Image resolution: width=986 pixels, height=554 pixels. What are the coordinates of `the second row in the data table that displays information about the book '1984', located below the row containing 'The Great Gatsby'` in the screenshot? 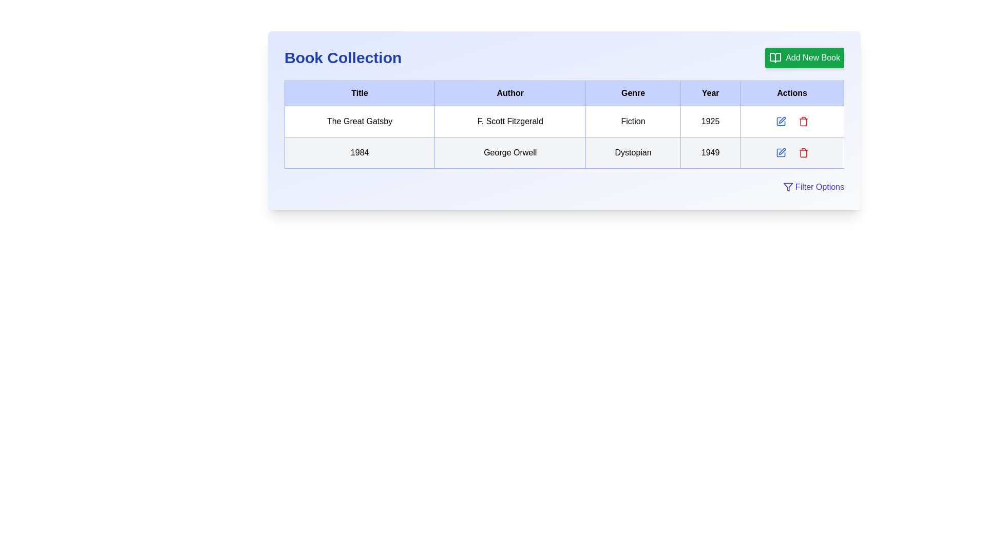 It's located at (564, 152).